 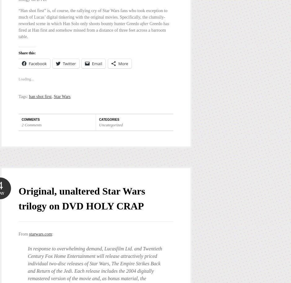 What do you see at coordinates (52, 97) in the screenshot?
I see `','` at bounding box center [52, 97].